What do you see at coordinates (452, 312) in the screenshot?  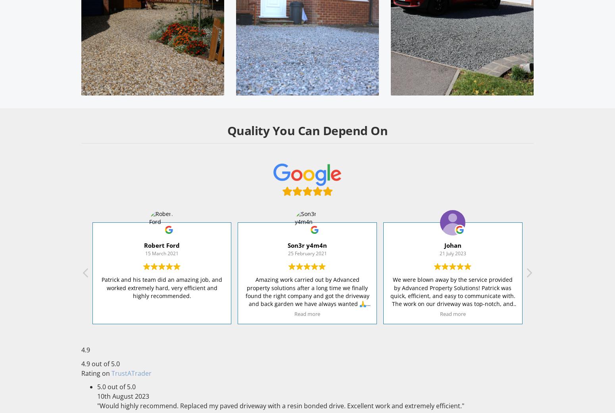 I see `'We were blown away by the service provided by Advanced Property Solutions! Patrick was quick, efficient, and easy to communicate with. The work on our driveway was top-notch, and the price was a steal for the quality delivered. In just two days, our driveway was transformed into something amazing! Highly recommend Patrick and his team for high-quality driveway work.'` at bounding box center [452, 312].